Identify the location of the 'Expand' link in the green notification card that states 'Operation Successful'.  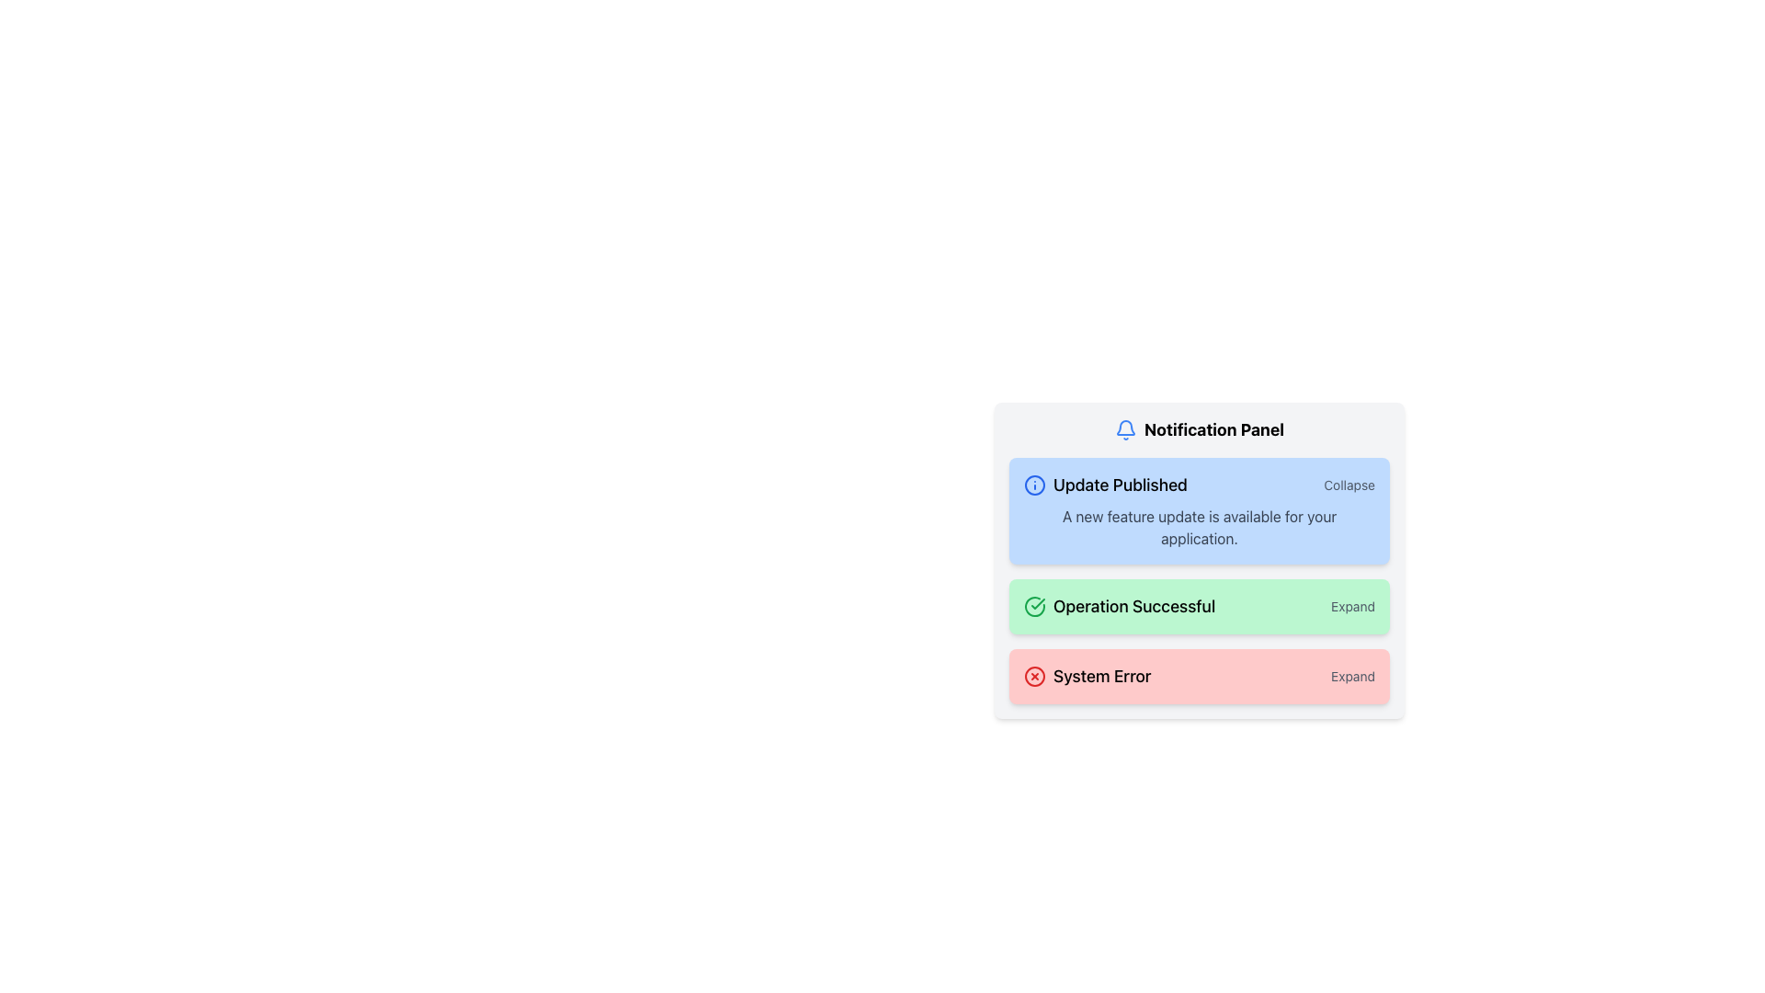
(1200, 581).